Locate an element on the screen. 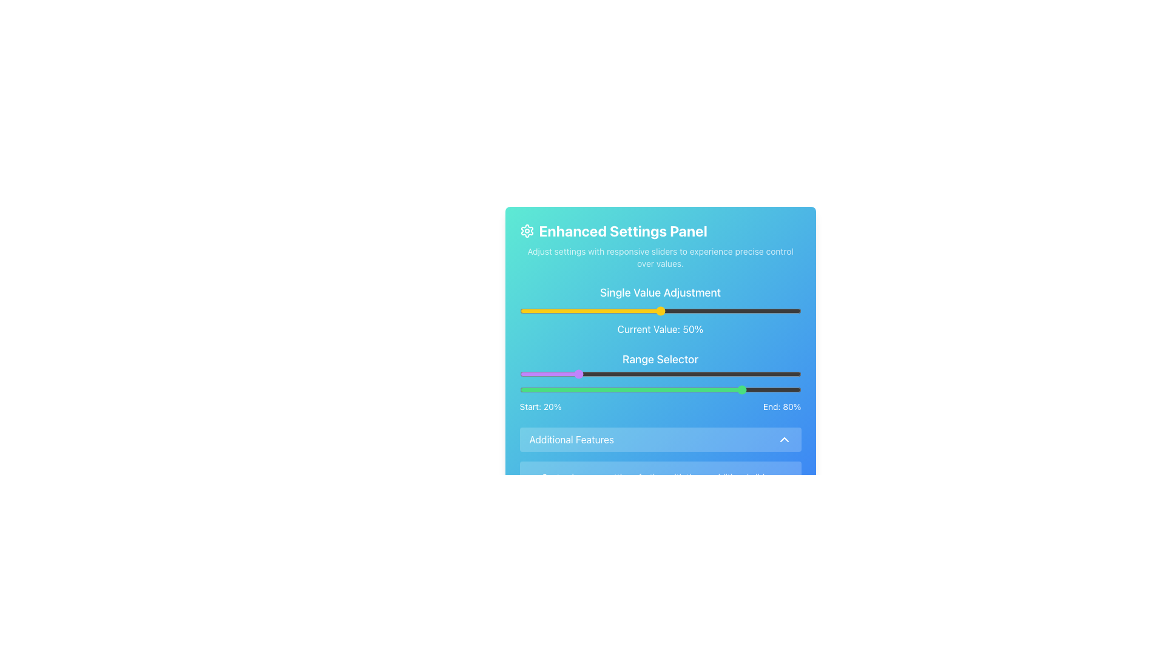  the slider is located at coordinates (761, 390).